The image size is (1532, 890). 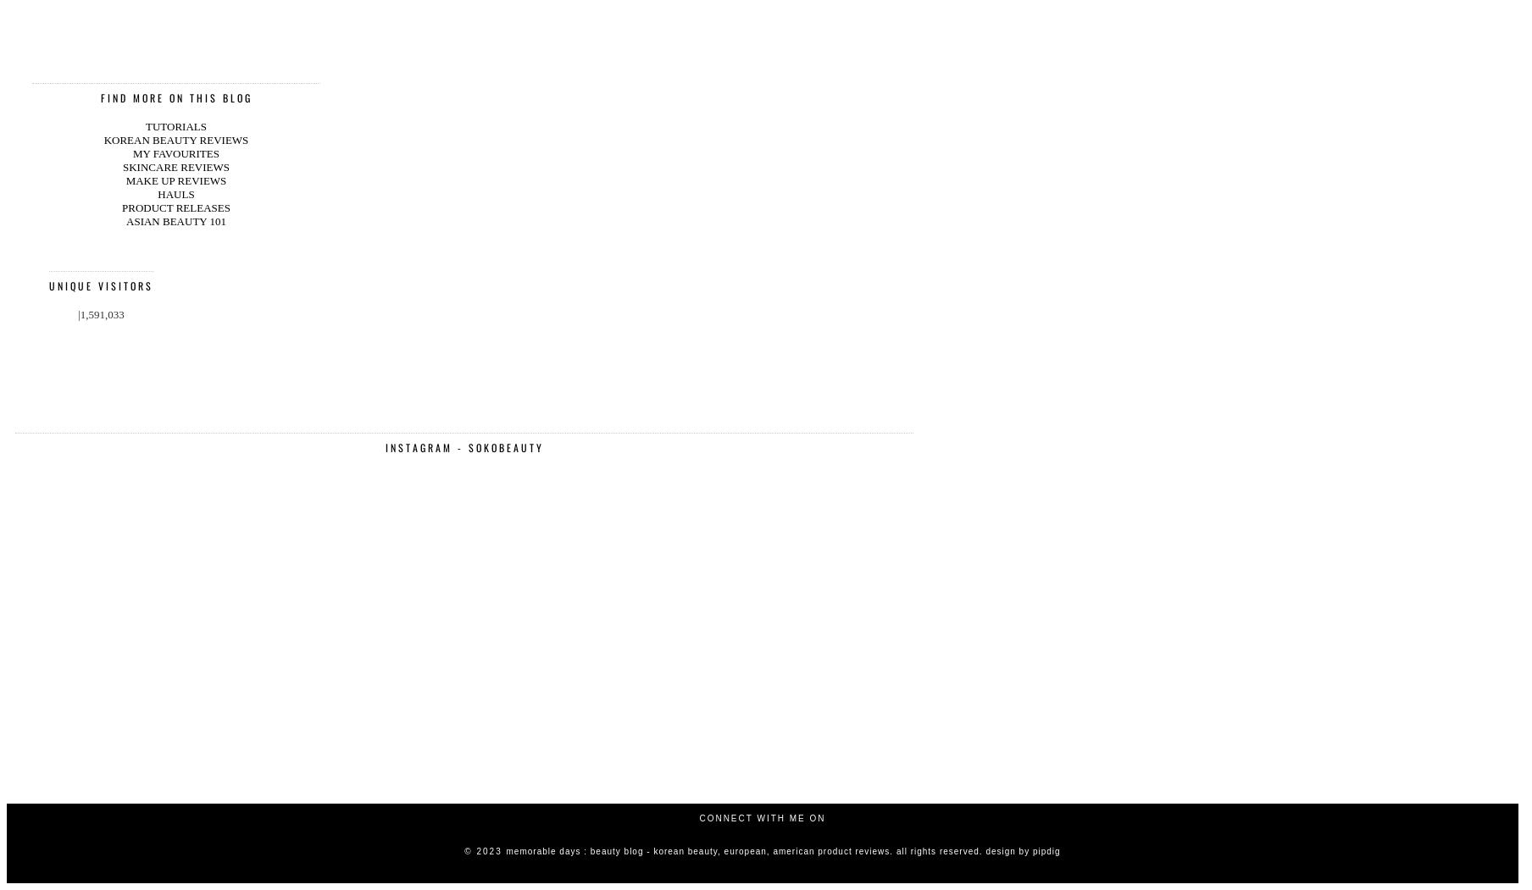 What do you see at coordinates (1023, 650) in the screenshot?
I see `'design by pipdig'` at bounding box center [1023, 650].